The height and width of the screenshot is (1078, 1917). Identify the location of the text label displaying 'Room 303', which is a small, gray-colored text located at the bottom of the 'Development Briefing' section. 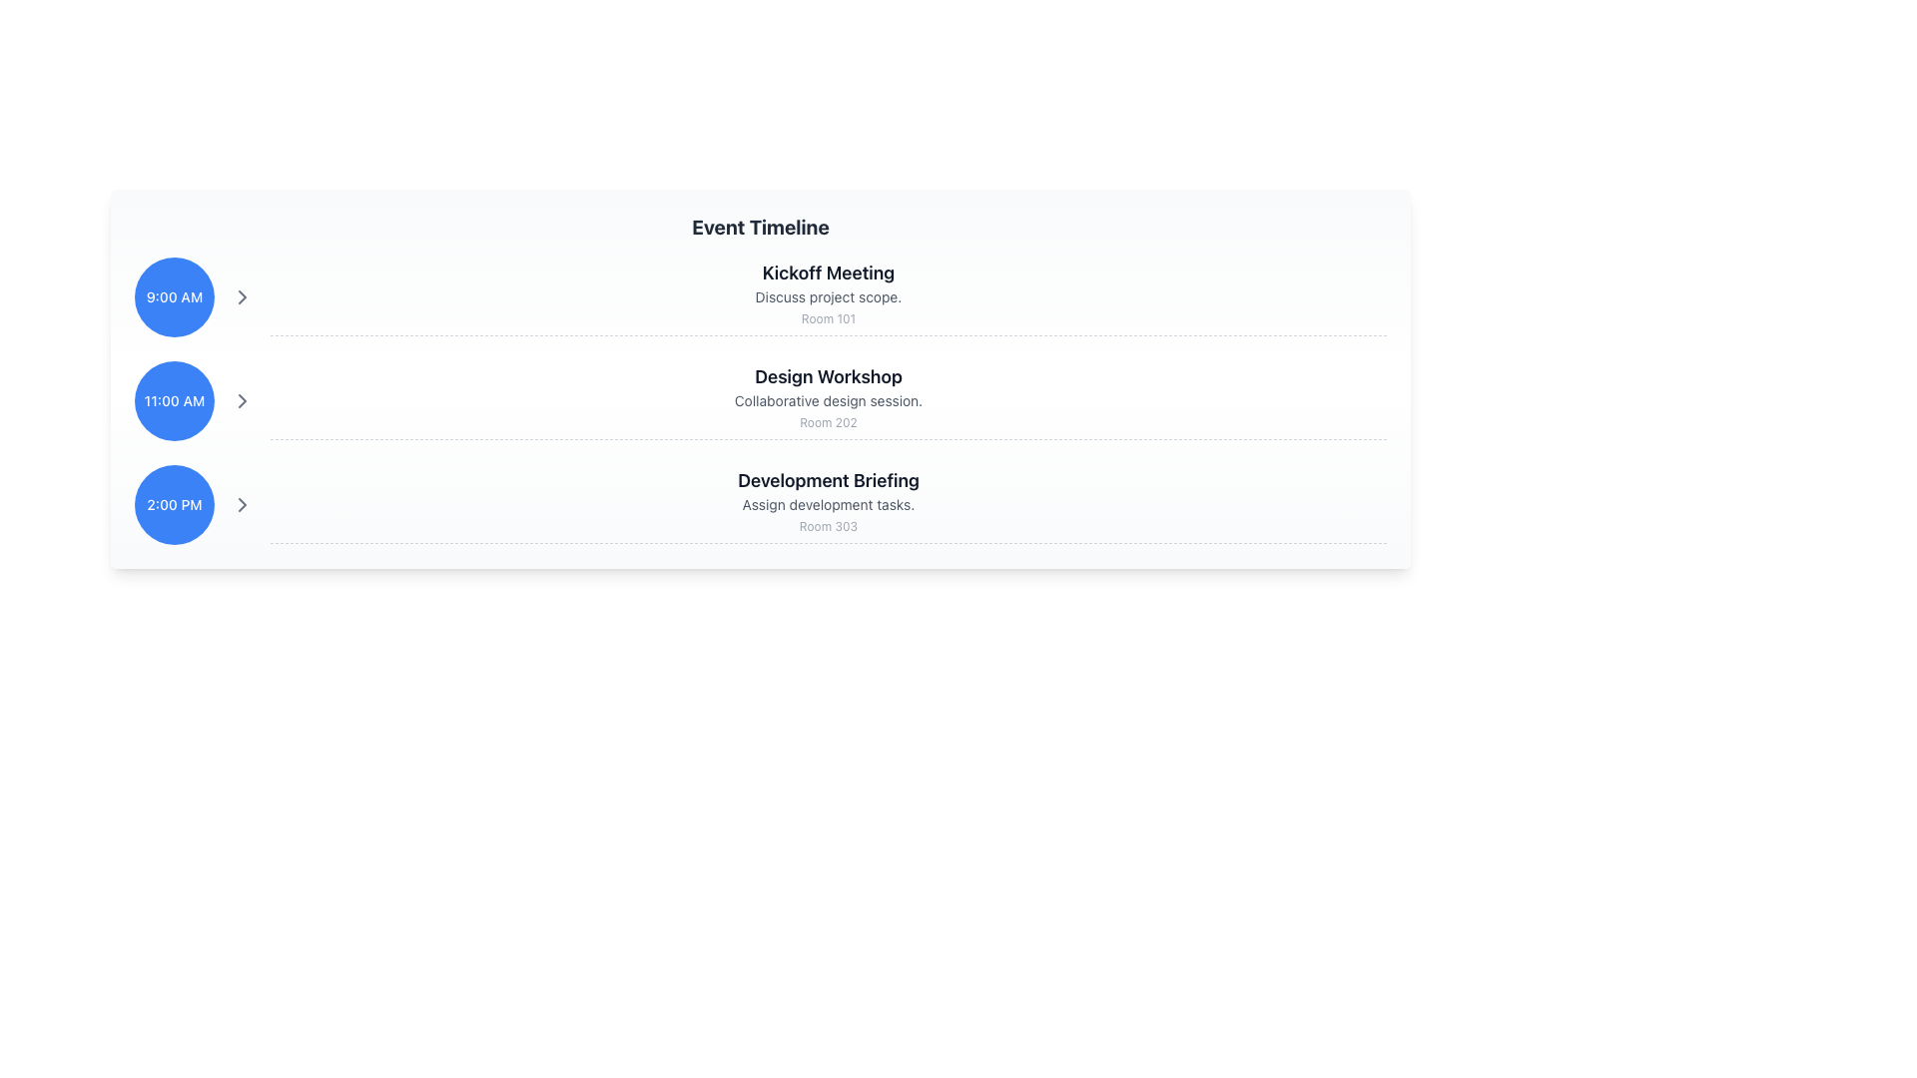
(829, 525).